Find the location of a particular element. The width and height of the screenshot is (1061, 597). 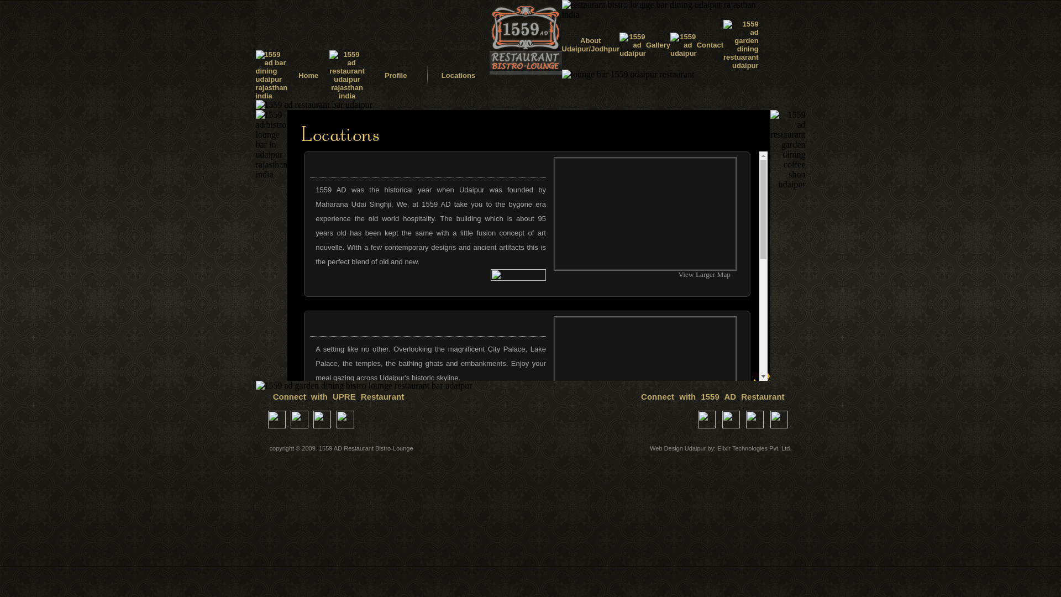

'1559 ad bar dining udaipur rajasthan india' is located at coordinates (271, 75).